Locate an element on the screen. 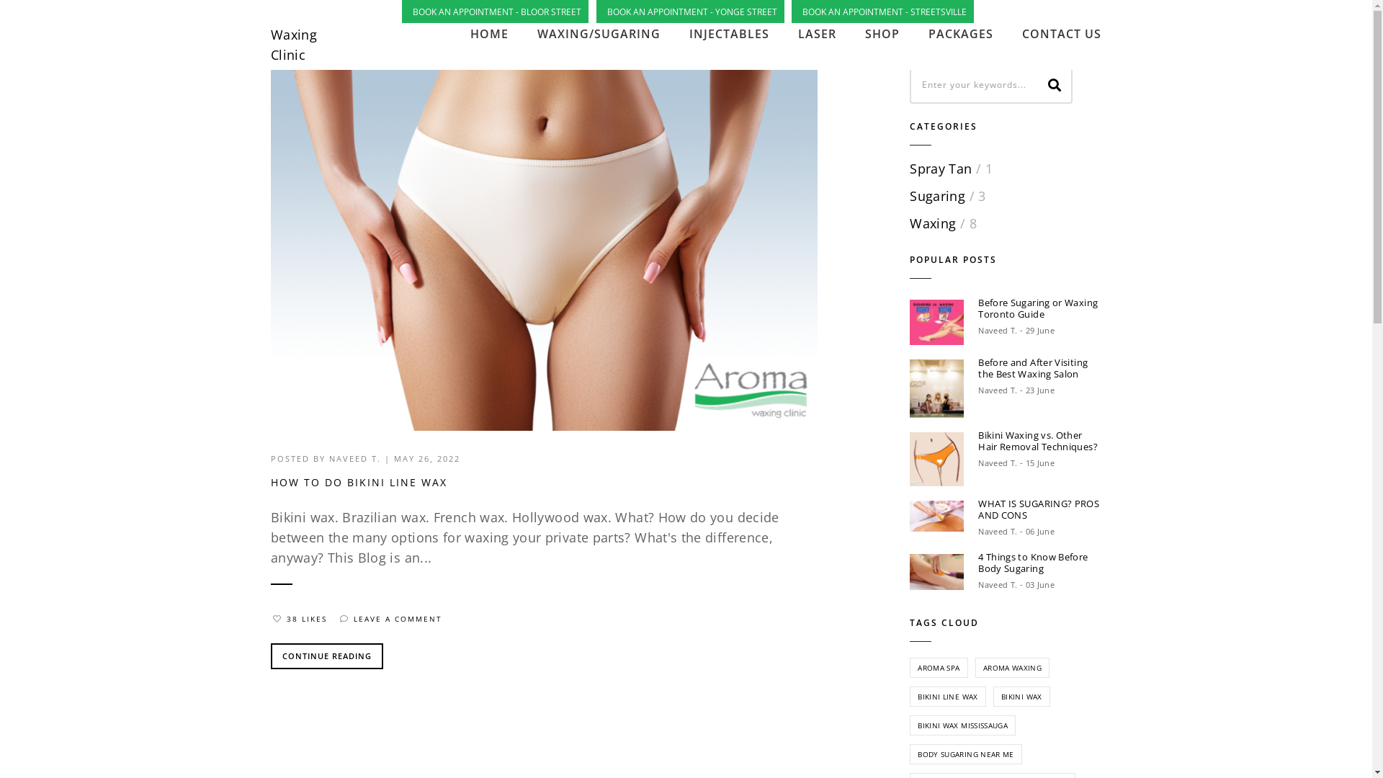 The height and width of the screenshot is (778, 1383). 'CONTINUE READING' is located at coordinates (326, 656).